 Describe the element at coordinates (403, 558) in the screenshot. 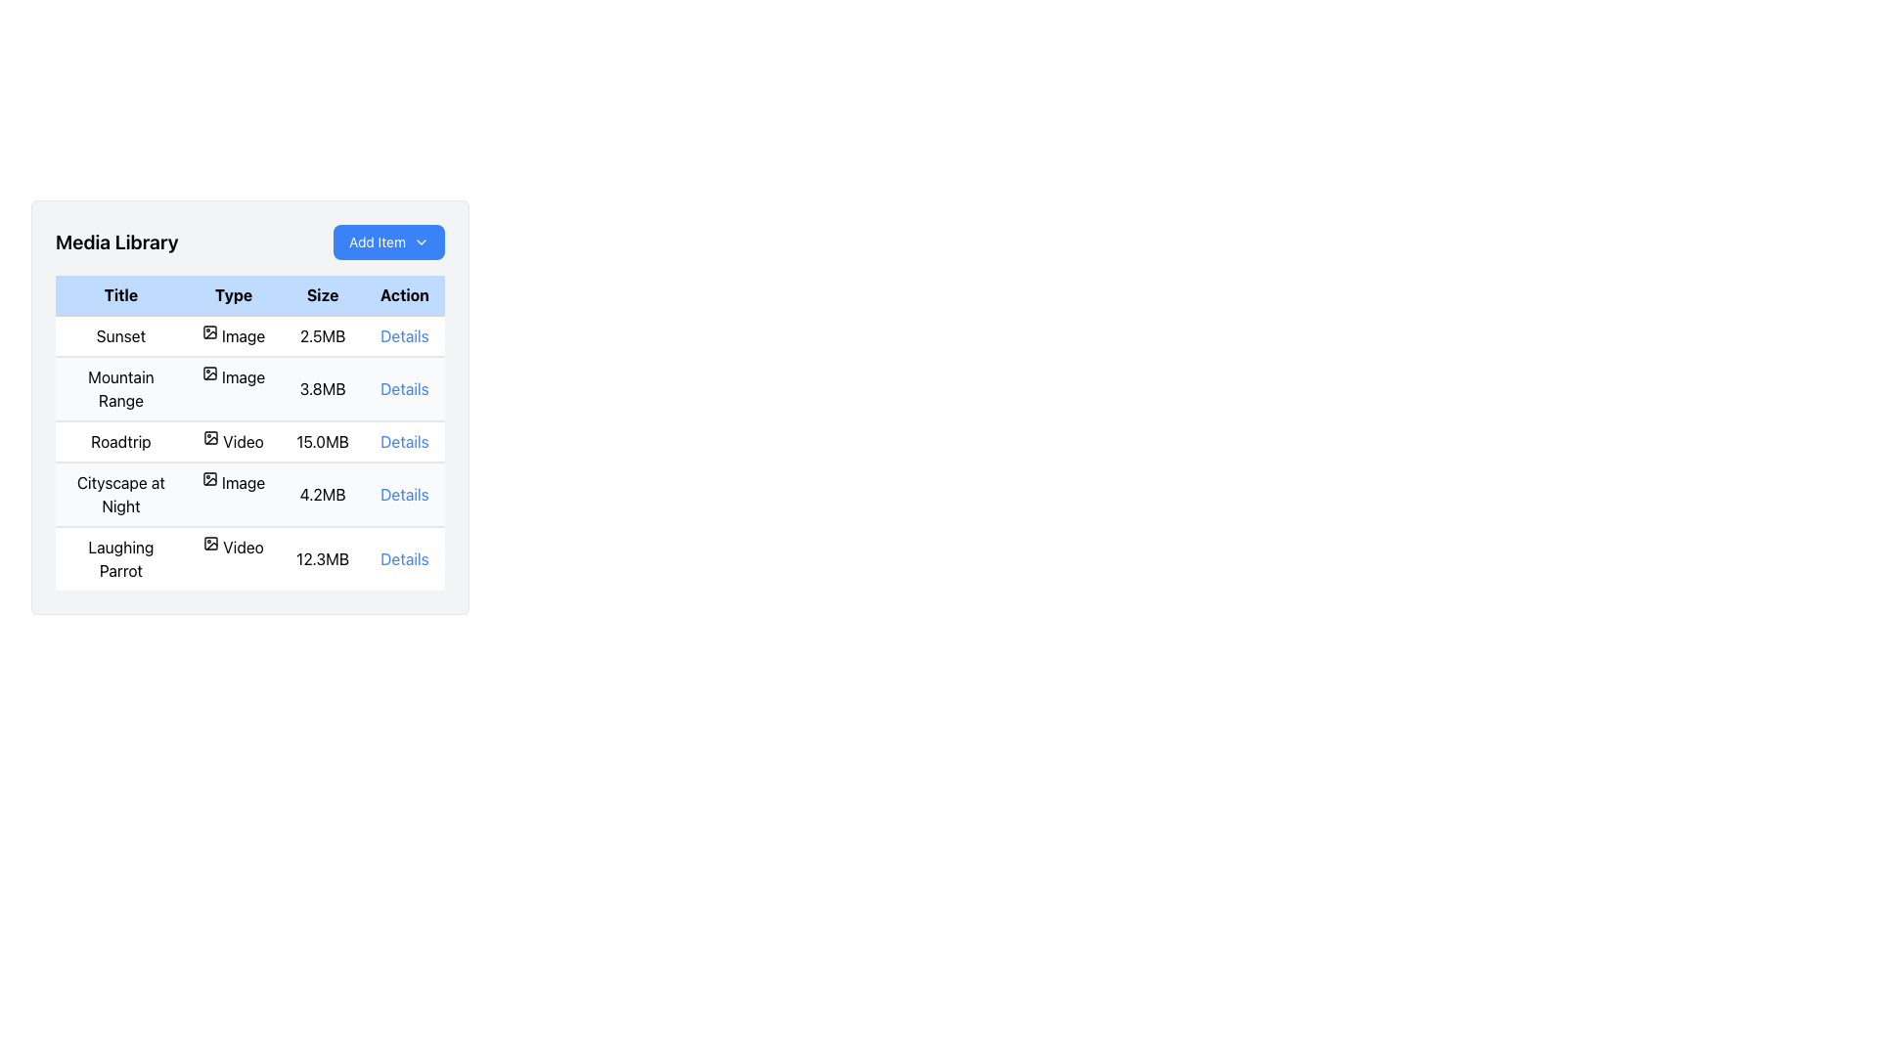

I see `the blue hyperlink labeled 'Details' in the 'Action' column of the 'Laughing Parrot' video file row` at that location.